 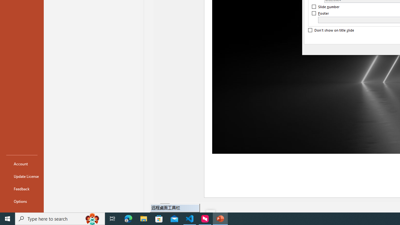 I want to click on 'Microsoft Edge', so click(x=128, y=218).